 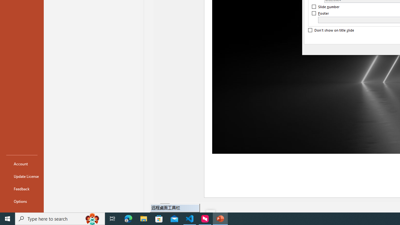 I want to click on 'Microsoft Edge', so click(x=128, y=218).